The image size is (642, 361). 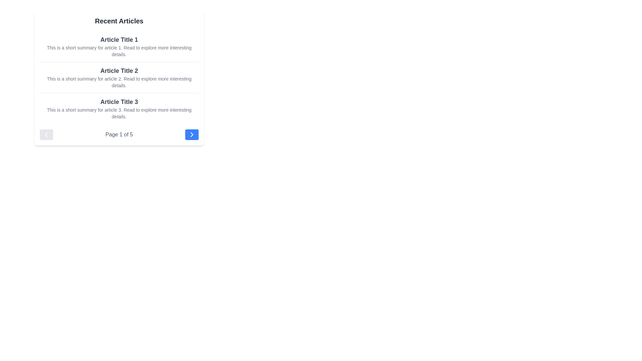 What do you see at coordinates (119, 108) in the screenshot?
I see `the third Informational card in the 'Recent Articles' section` at bounding box center [119, 108].